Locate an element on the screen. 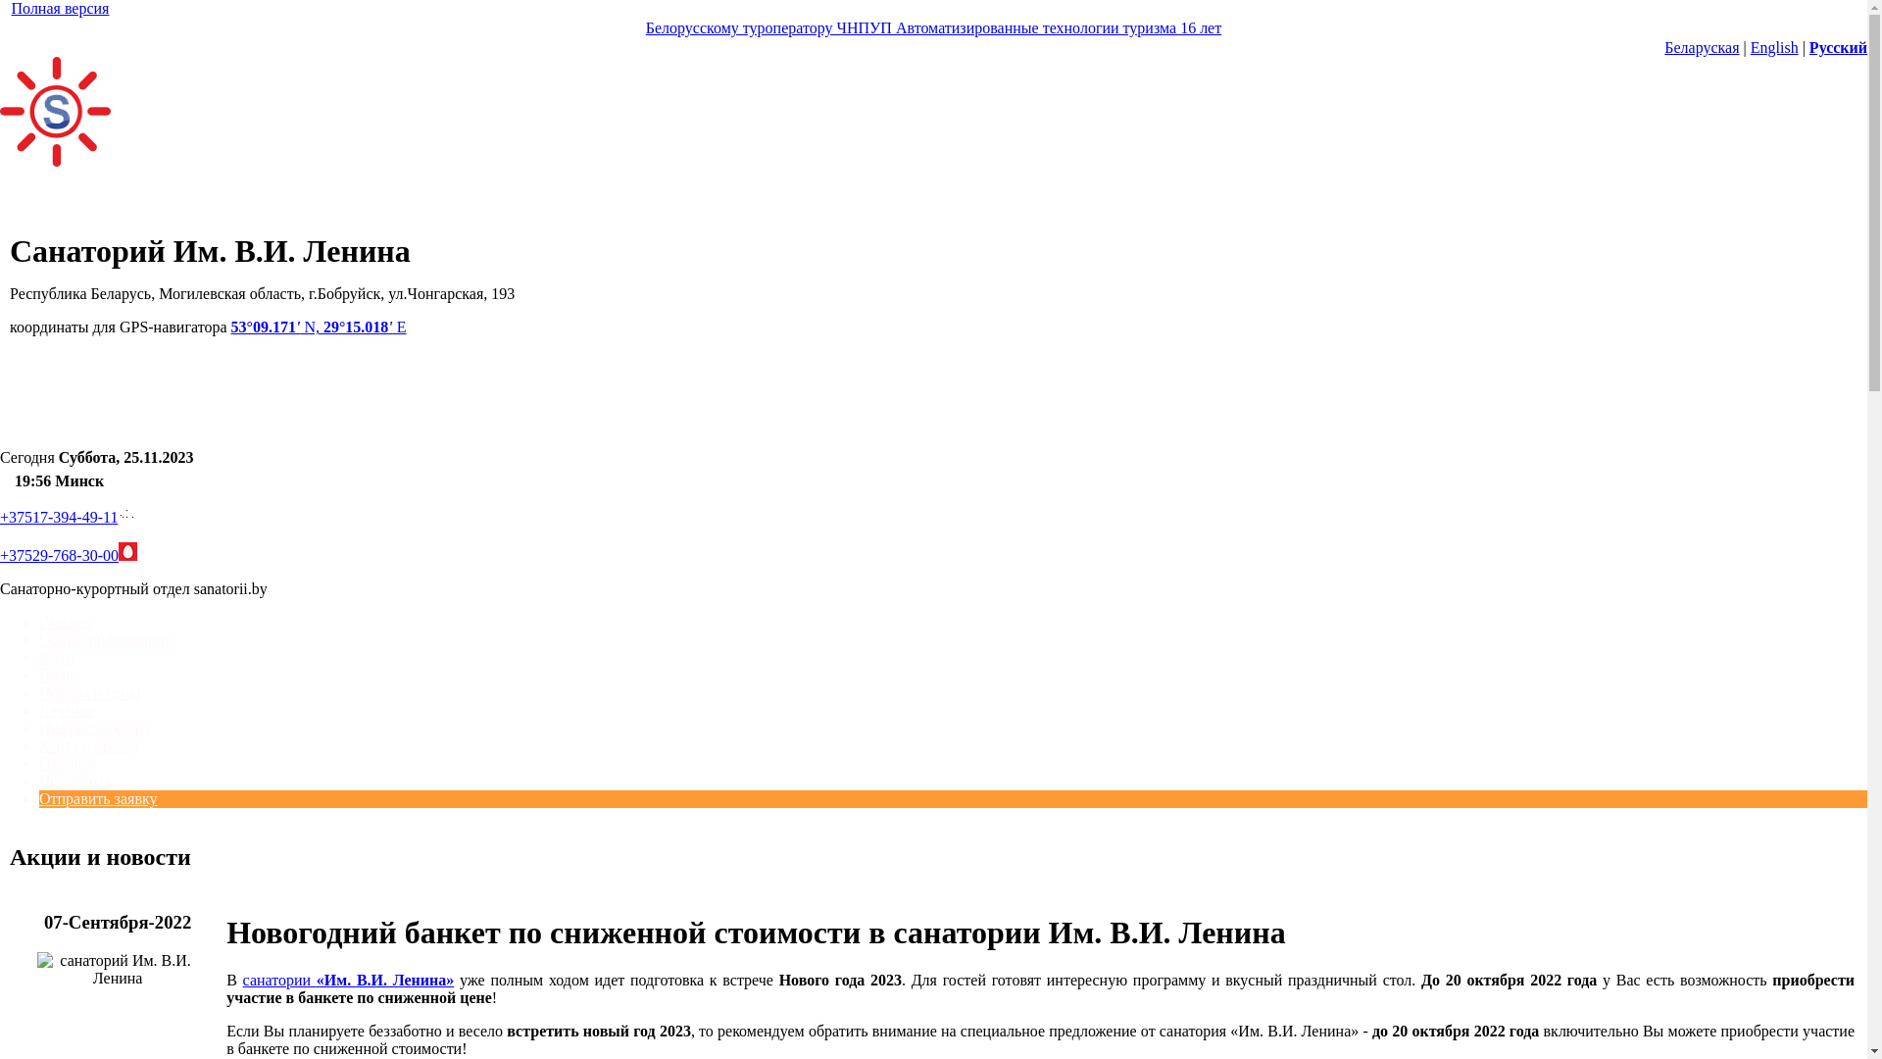  'English' is located at coordinates (1774, 46).